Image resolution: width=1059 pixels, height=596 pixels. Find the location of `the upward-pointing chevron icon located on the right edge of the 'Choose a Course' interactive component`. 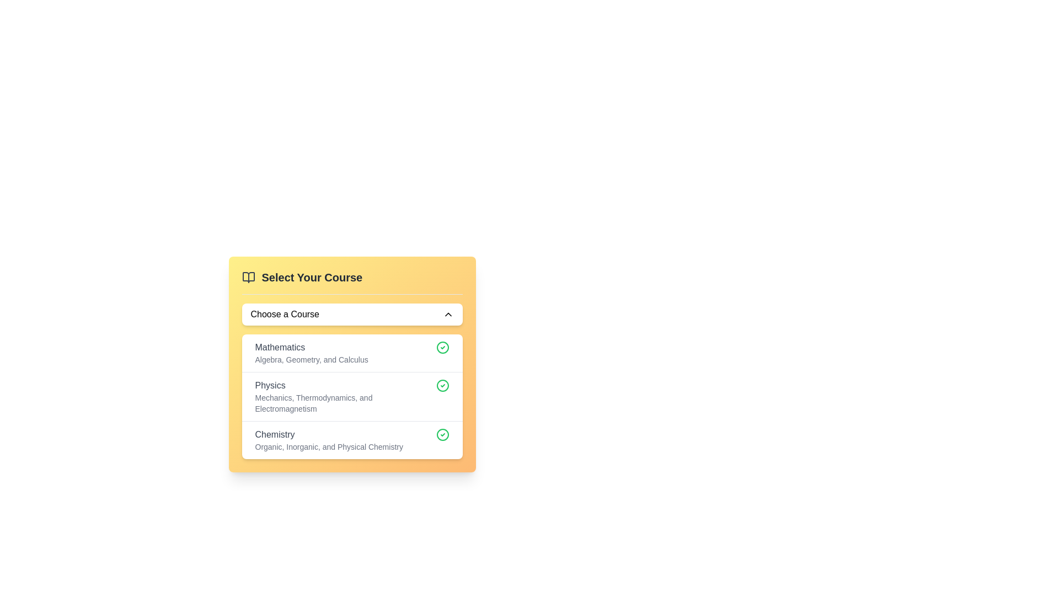

the upward-pointing chevron icon located on the right edge of the 'Choose a Course' interactive component is located at coordinates (448, 315).